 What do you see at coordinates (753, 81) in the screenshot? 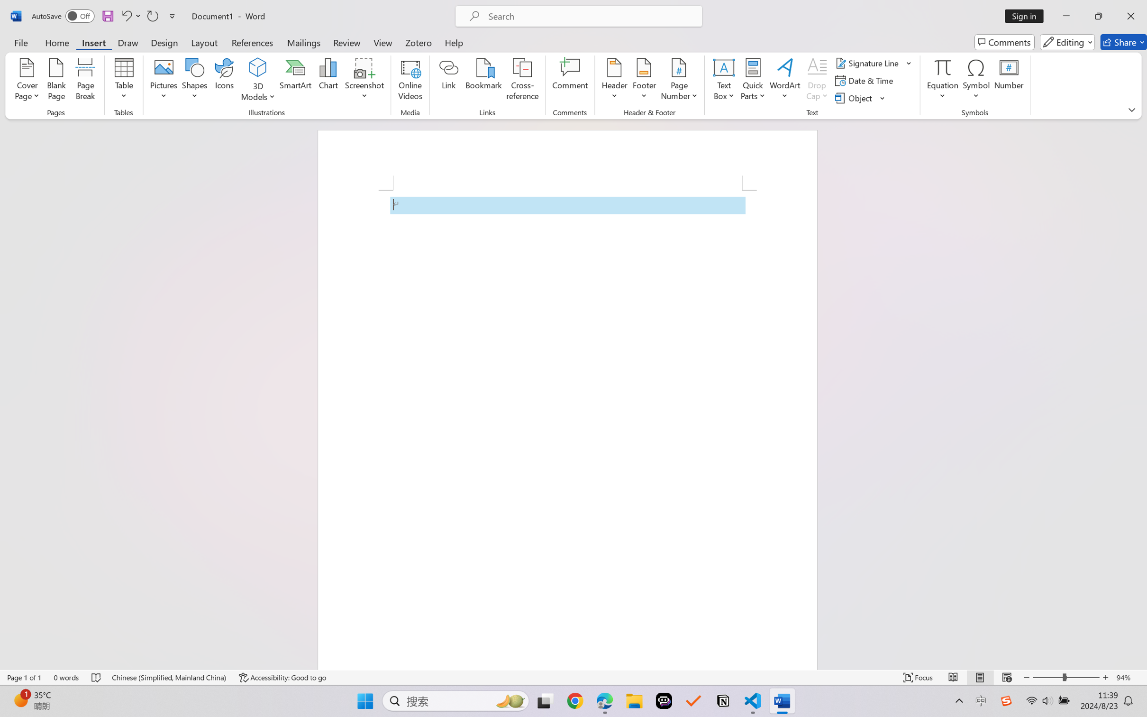
I see `'Quick Parts'` at bounding box center [753, 81].